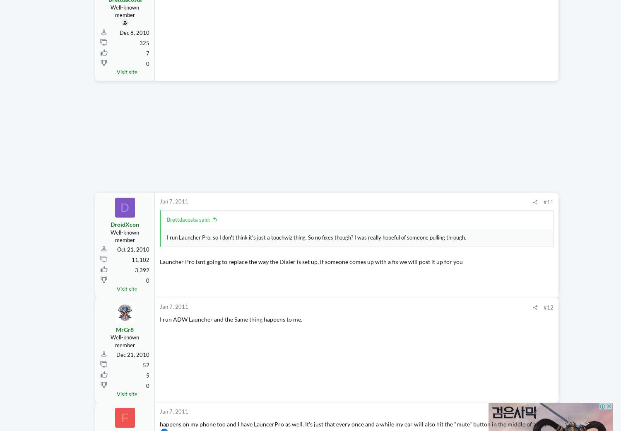 This screenshot has width=621, height=431. What do you see at coordinates (231, 334) in the screenshot?
I see `'I run ADW Launcher and the Same thing happens to me.'` at bounding box center [231, 334].